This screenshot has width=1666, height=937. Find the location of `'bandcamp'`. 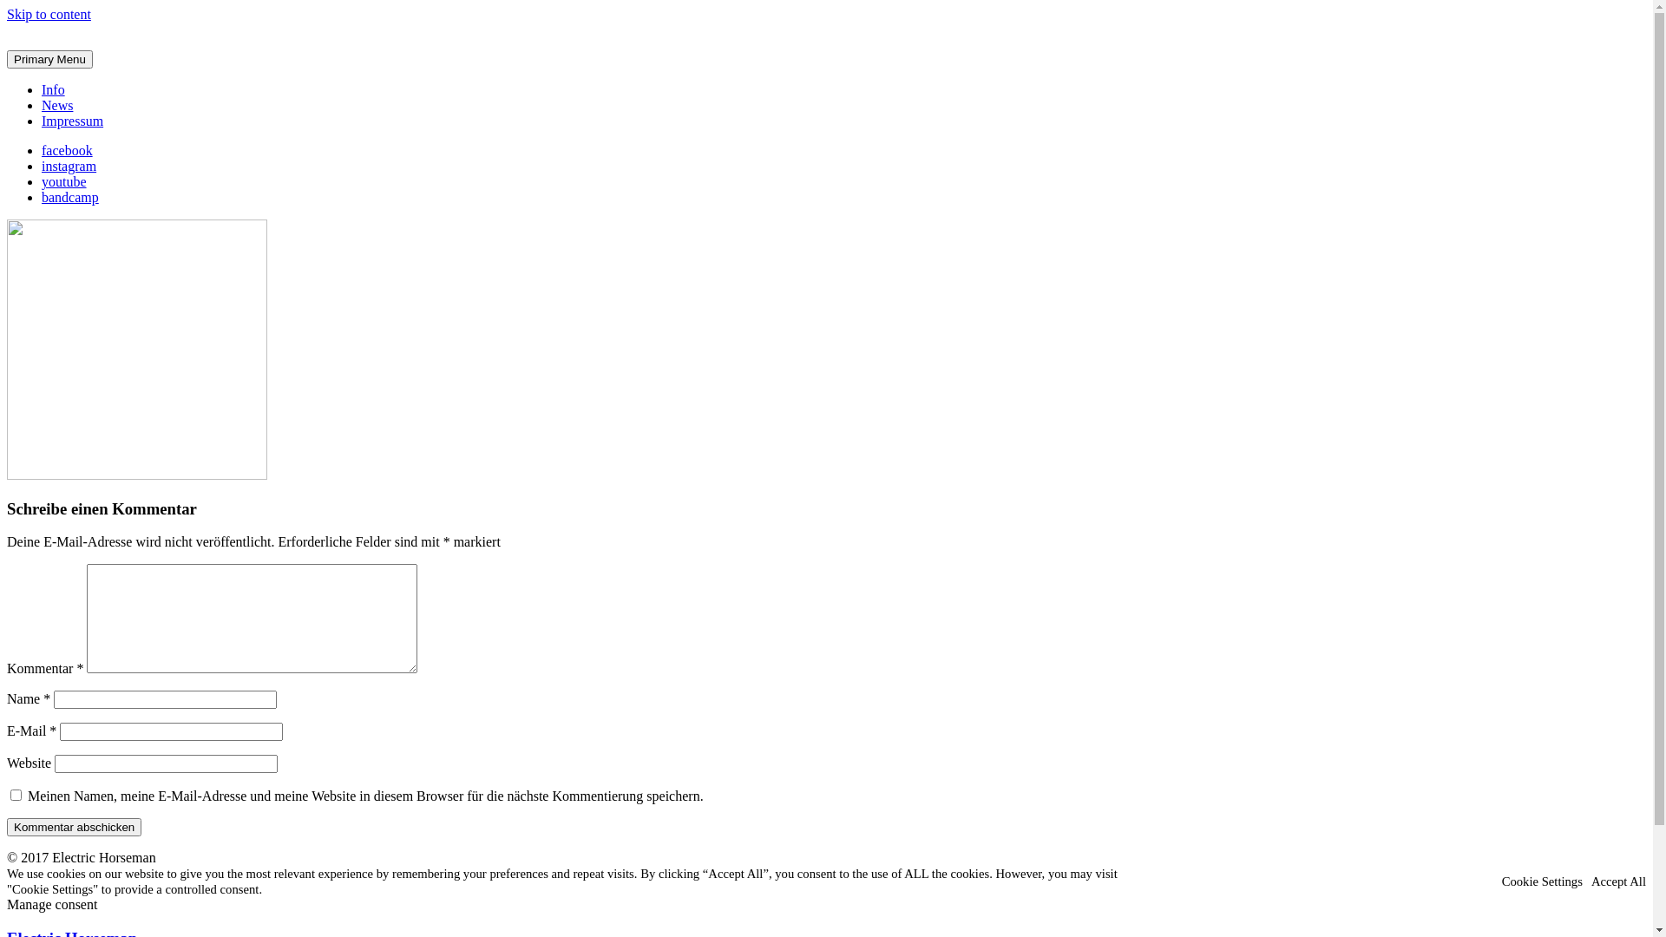

'bandcamp' is located at coordinates (74, 196).